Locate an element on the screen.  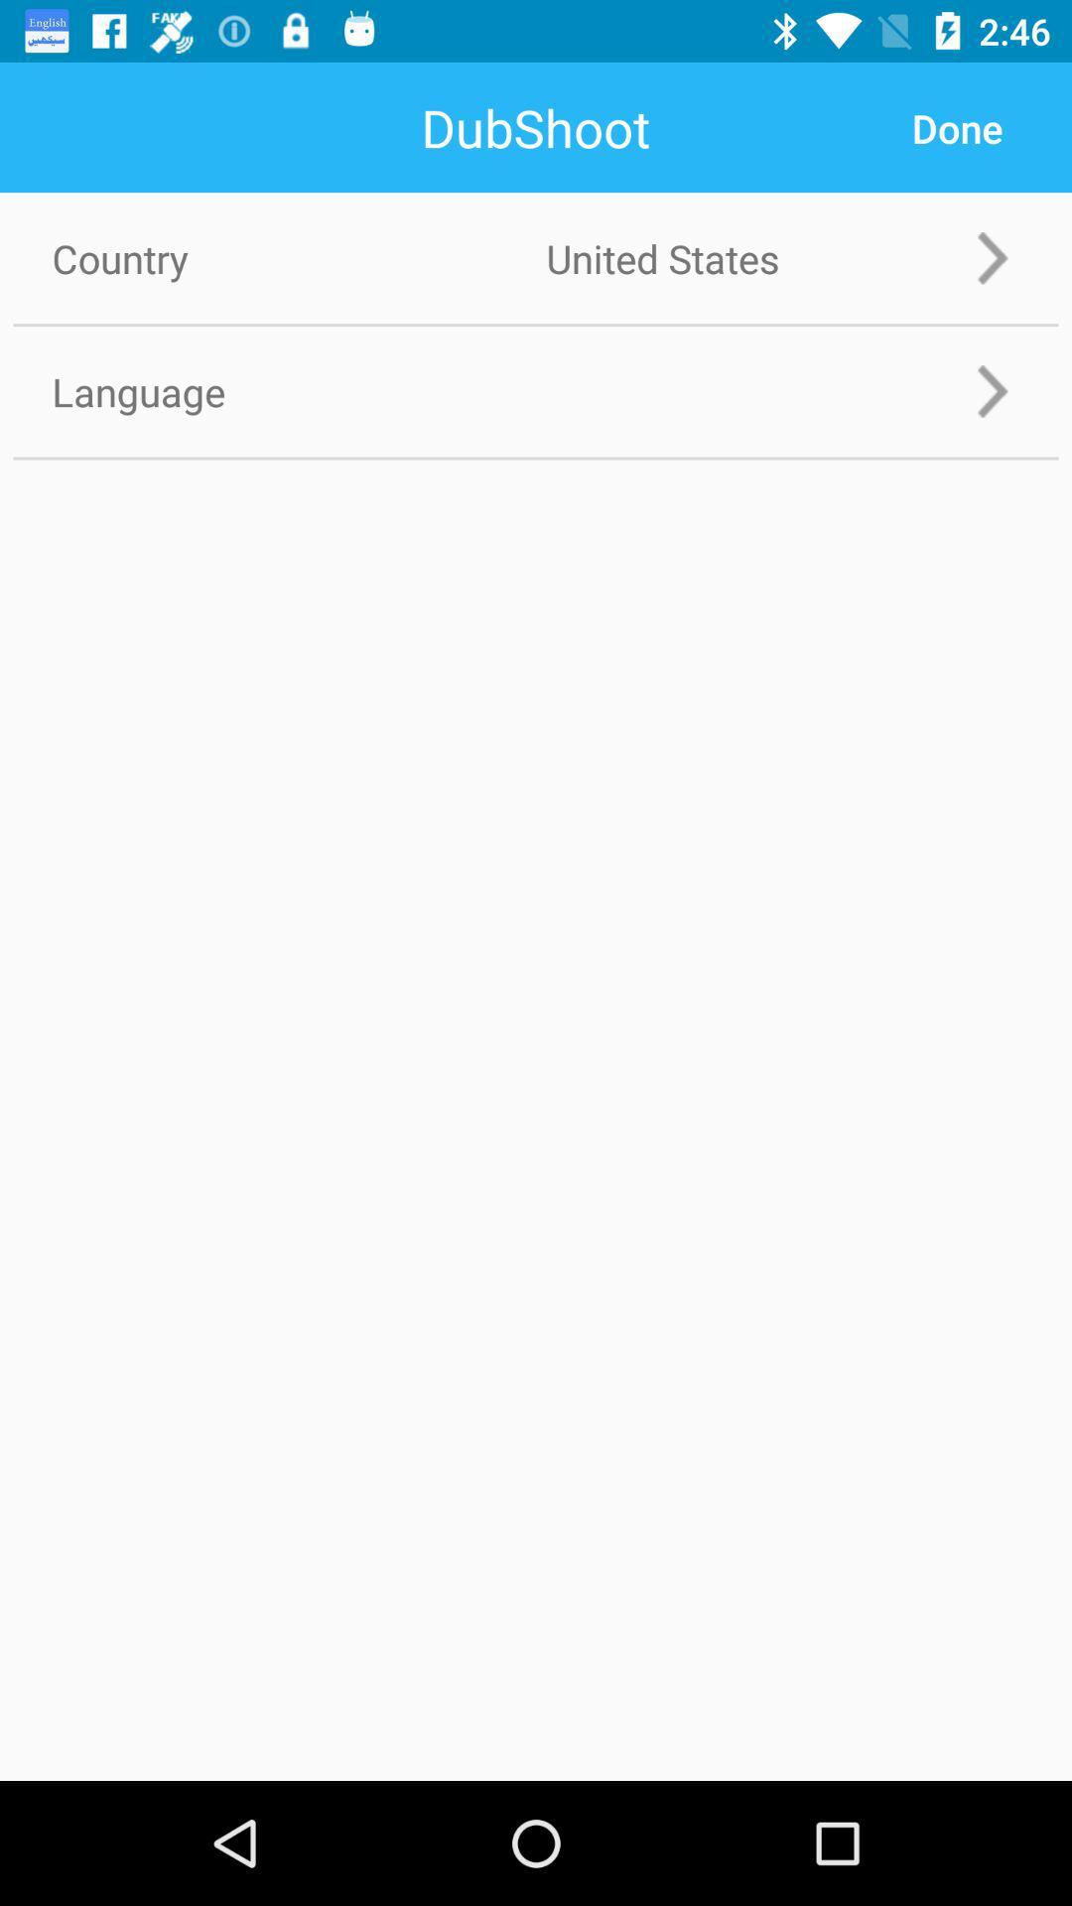
app to the right of country icon is located at coordinates (956, 127).